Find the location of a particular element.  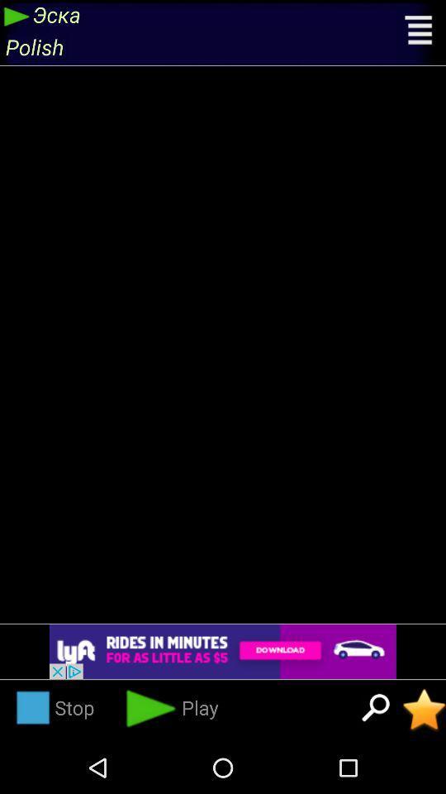

the station is located at coordinates (424, 709).